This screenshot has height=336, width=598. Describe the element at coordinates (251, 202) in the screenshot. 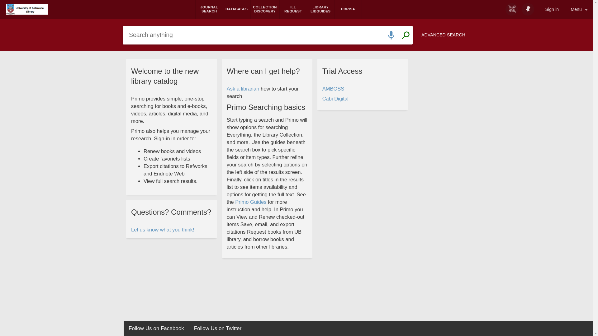

I see `'Primo Guides'` at that location.